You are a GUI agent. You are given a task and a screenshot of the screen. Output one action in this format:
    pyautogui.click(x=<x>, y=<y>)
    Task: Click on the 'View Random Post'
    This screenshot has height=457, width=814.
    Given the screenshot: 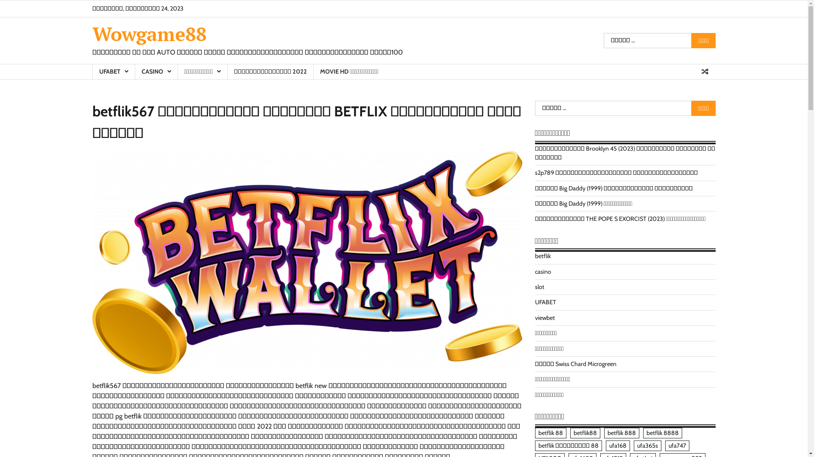 What is the action you would take?
    pyautogui.click(x=705, y=71)
    